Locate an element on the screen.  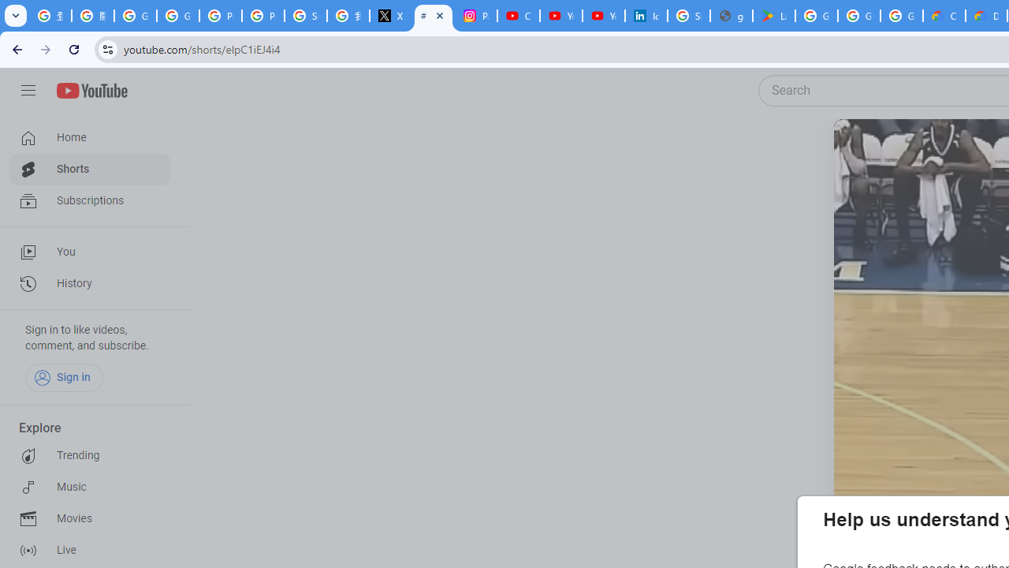
'Google Workspace - Specific Terms' is located at coordinates (902, 16).